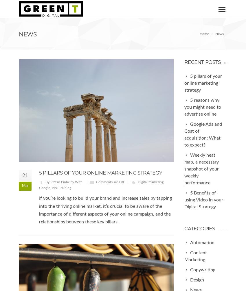 The width and height of the screenshot is (246, 291). What do you see at coordinates (105, 210) in the screenshot?
I see `'If you’re looking to build your brand and increase sales by tapping into the thriving online market, it’s crucial to be aware of the importance of different aspects of your online campaign, and the relationships between these key pillars.'` at bounding box center [105, 210].